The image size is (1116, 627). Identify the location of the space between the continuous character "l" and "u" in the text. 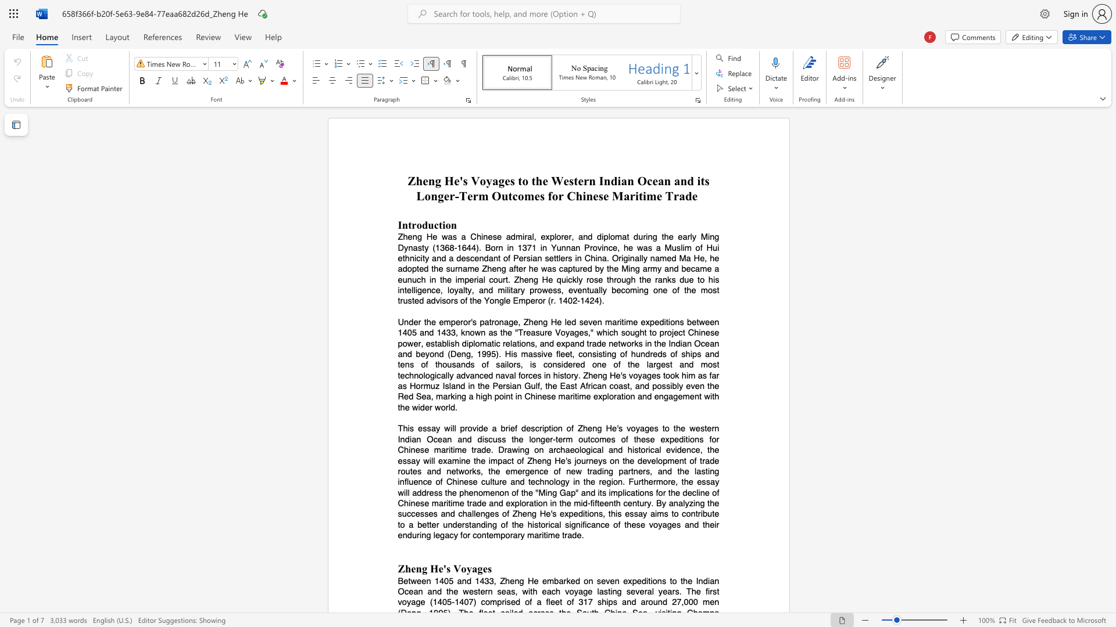
(409, 482).